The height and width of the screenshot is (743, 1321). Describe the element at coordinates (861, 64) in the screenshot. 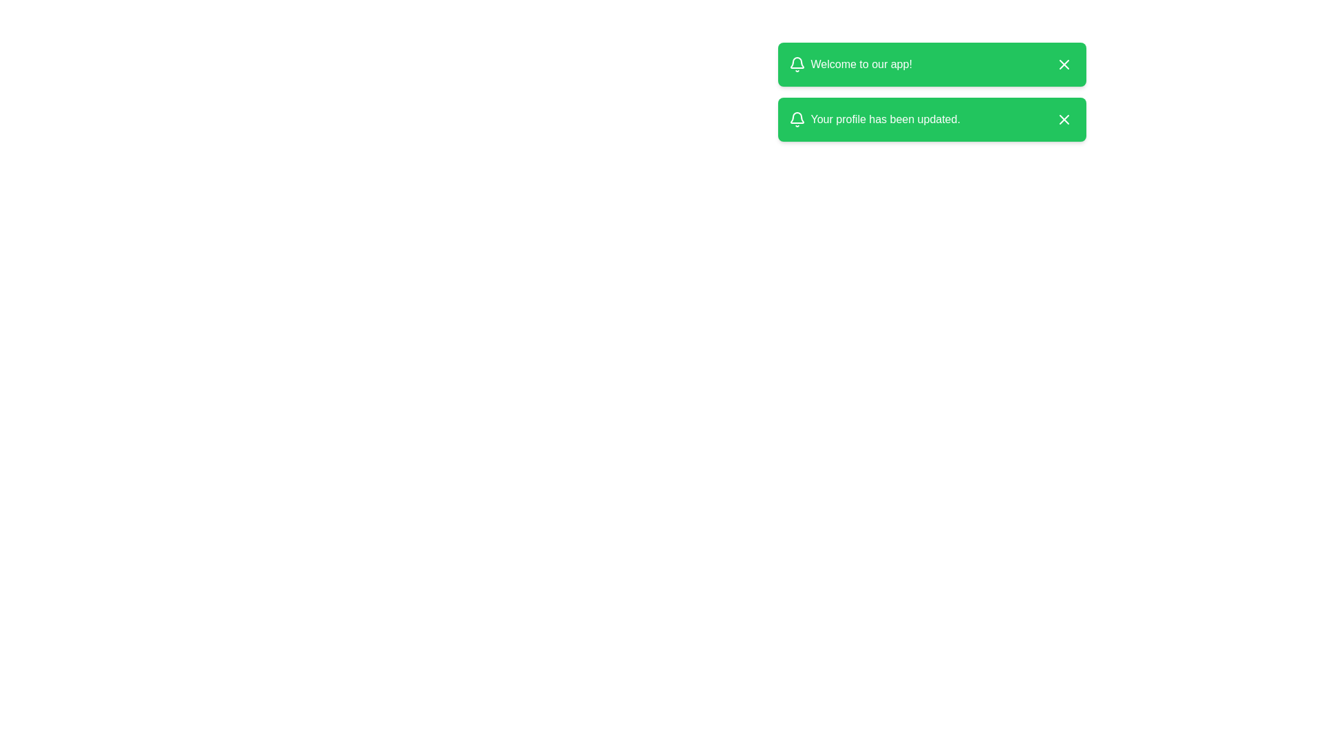

I see `the welcoming text displayed in the first notification banner, which is located to the right of the bell icon and to the left of the close button ('X')` at that location.